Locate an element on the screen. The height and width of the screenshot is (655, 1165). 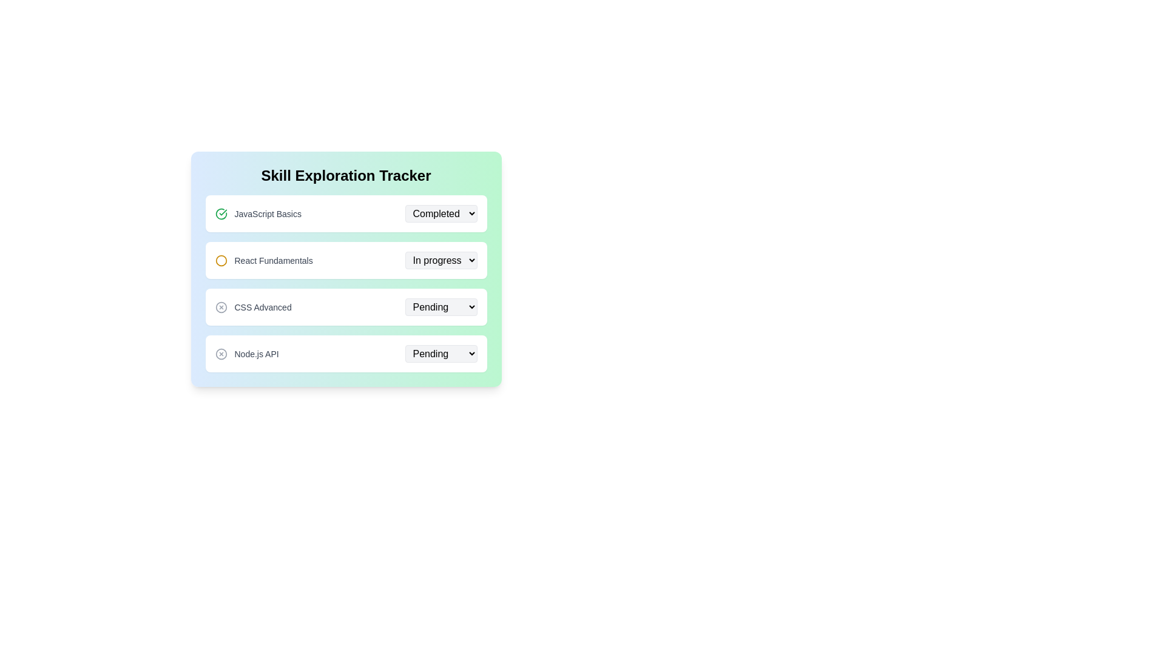
the circle component of the 'CSS Advanced' skill icon in the 'Skill Exploration Tracker' interface, which indicates an incomplete or pending state is located at coordinates (221, 306).